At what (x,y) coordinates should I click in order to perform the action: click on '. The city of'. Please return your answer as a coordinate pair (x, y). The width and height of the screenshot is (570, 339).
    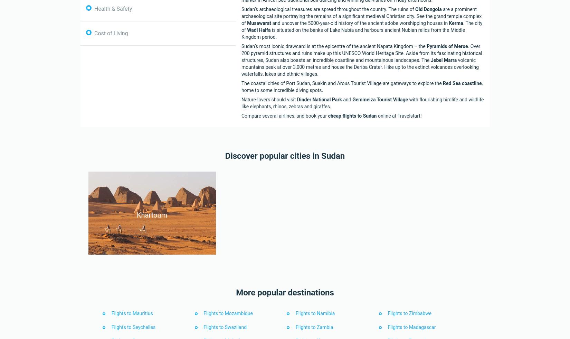
    Looking at the image, I should click on (361, 26).